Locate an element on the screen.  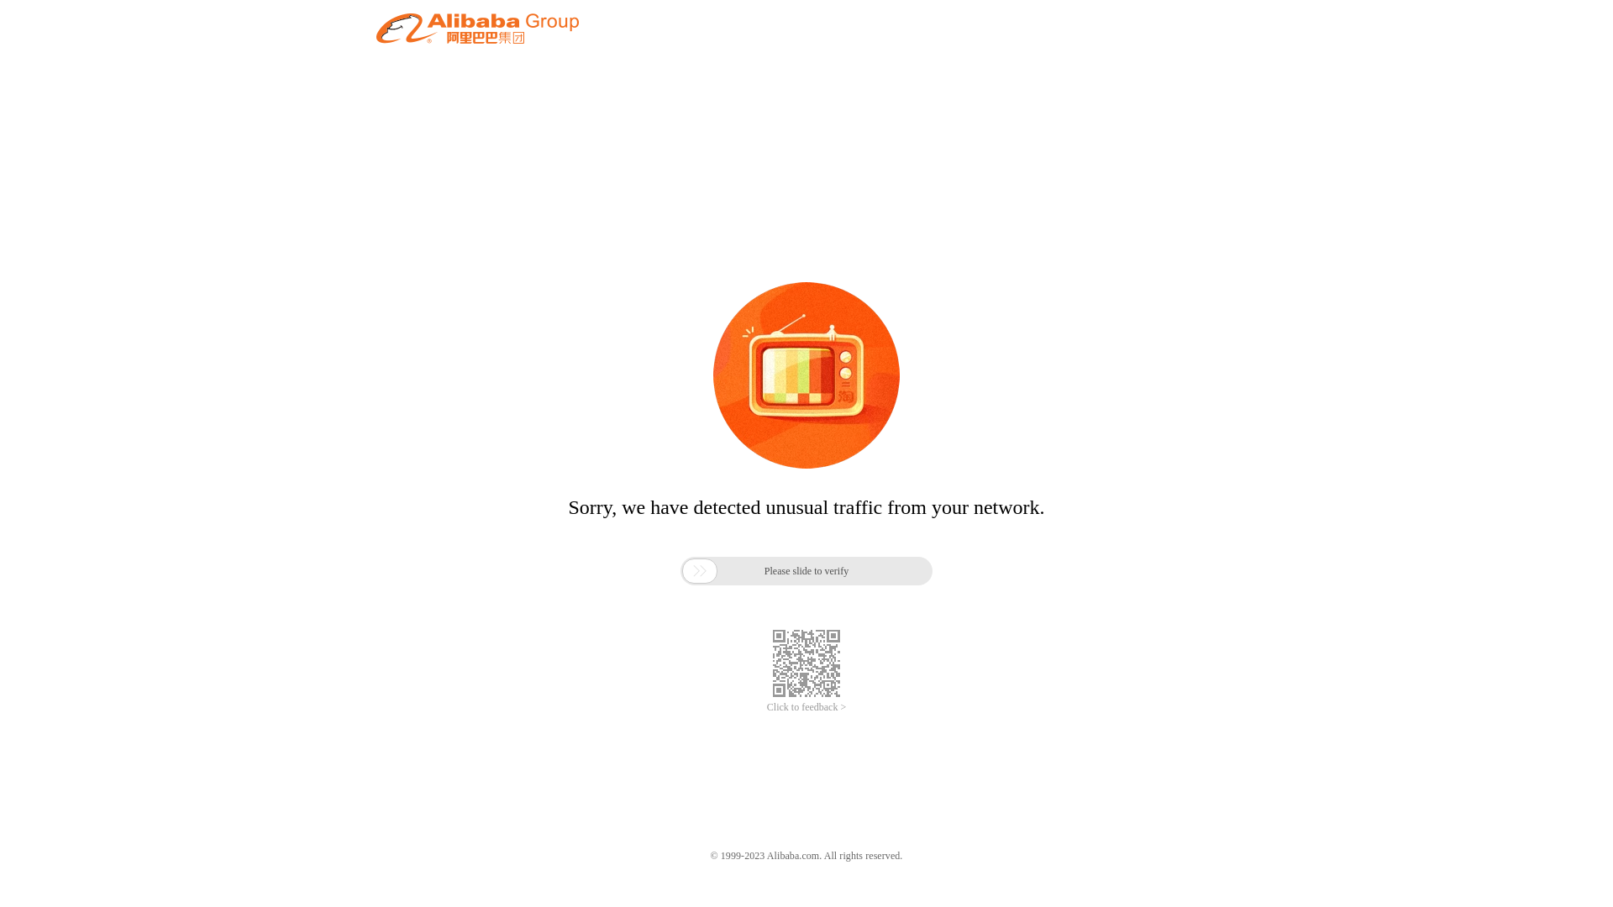
'Click to feedback >' is located at coordinates (806, 707).